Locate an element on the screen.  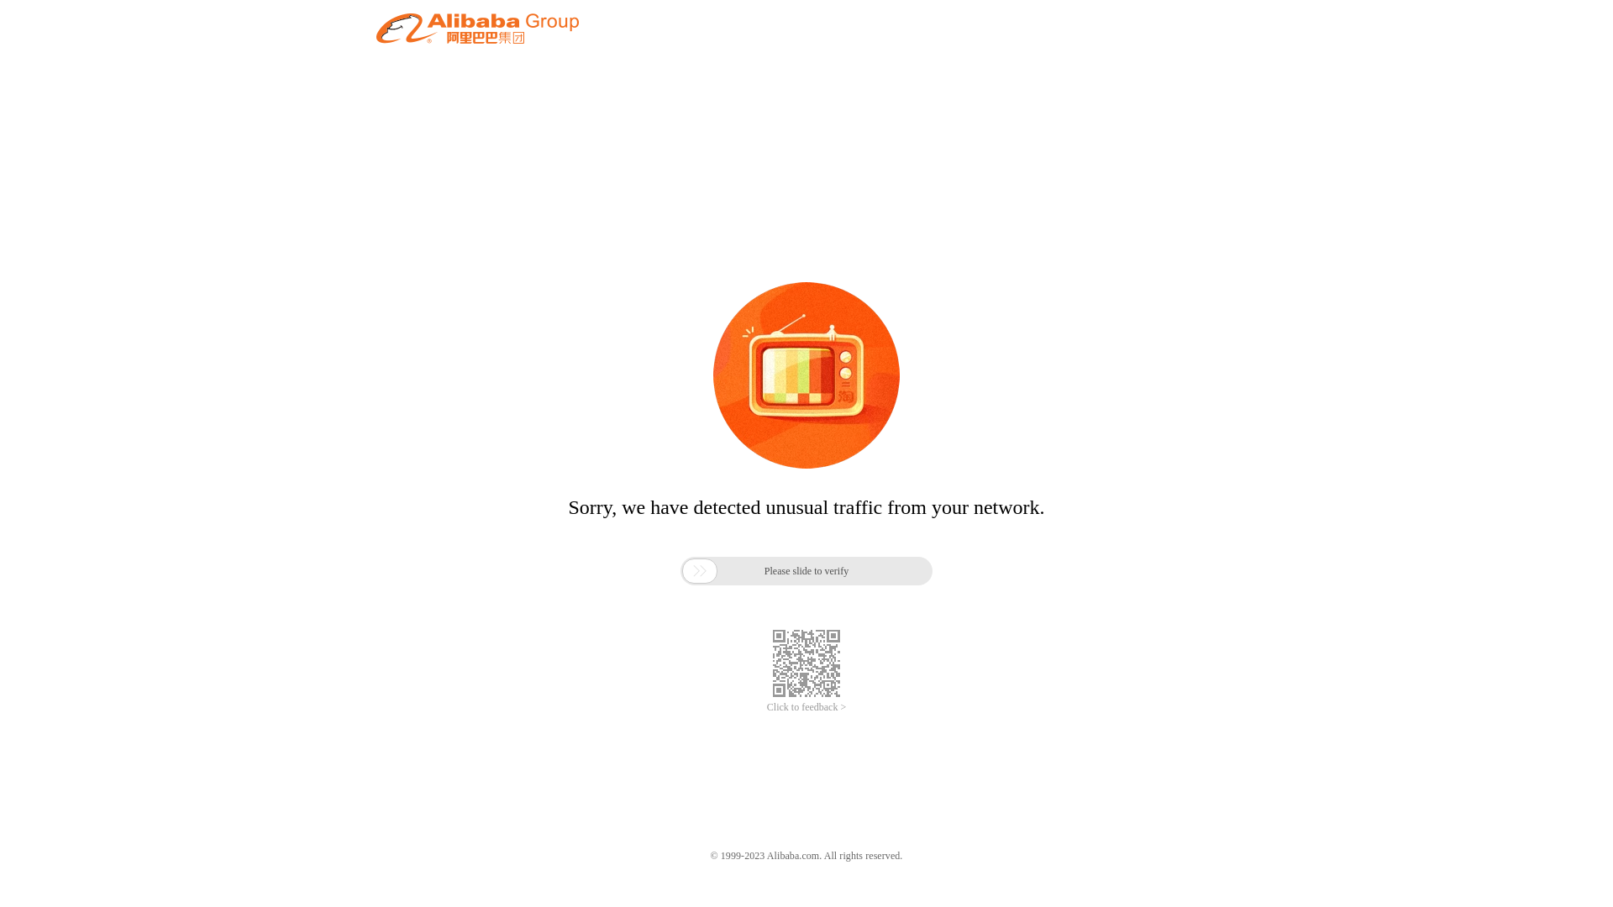
'Click to feedback >' is located at coordinates (806, 707).